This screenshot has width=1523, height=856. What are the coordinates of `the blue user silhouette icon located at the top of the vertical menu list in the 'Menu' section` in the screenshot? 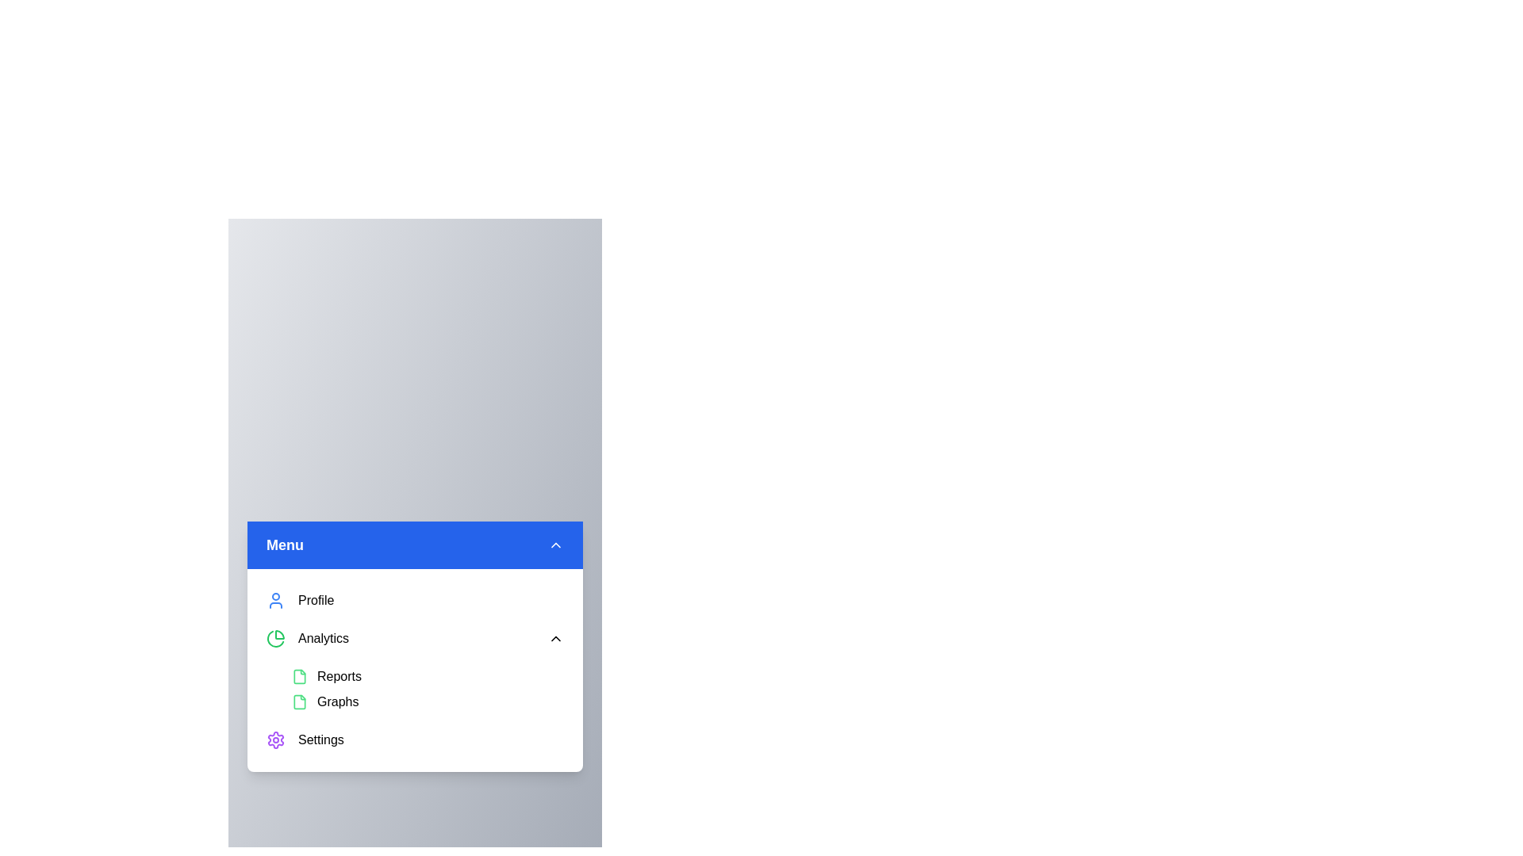 It's located at (275, 601).